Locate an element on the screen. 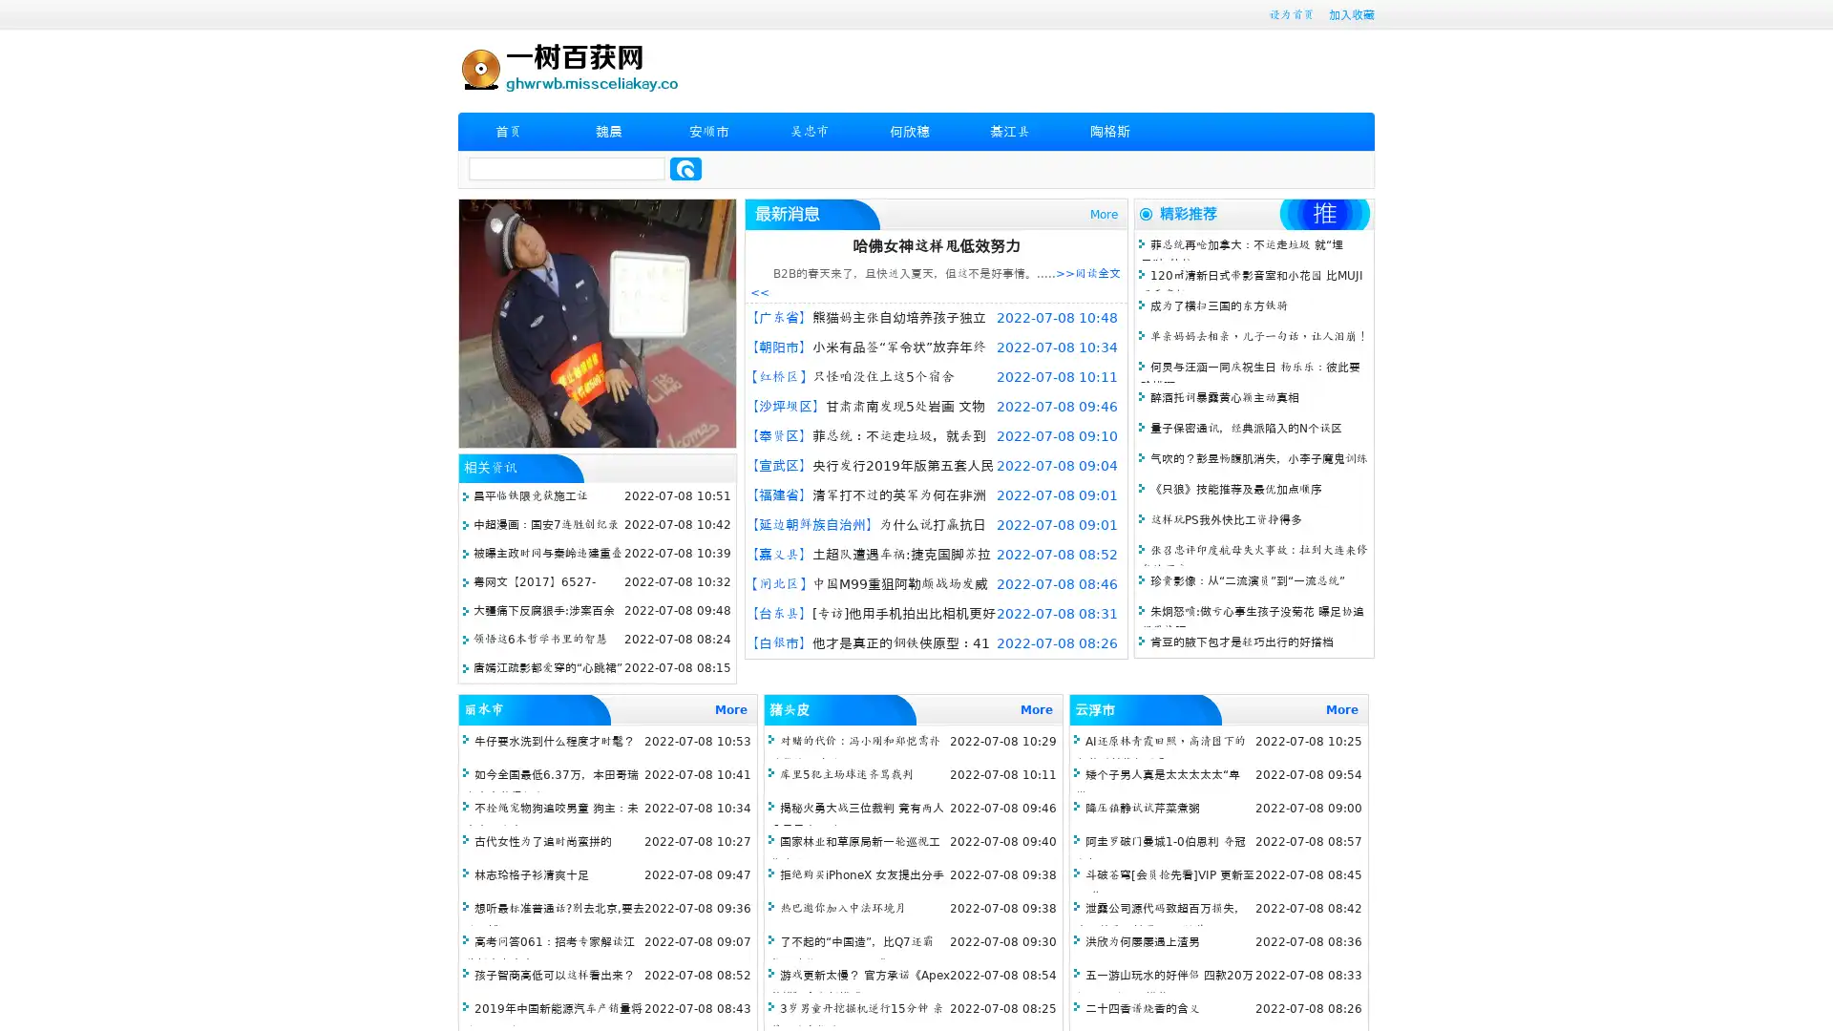 The height and width of the screenshot is (1031, 1833). Search is located at coordinates (685, 168).